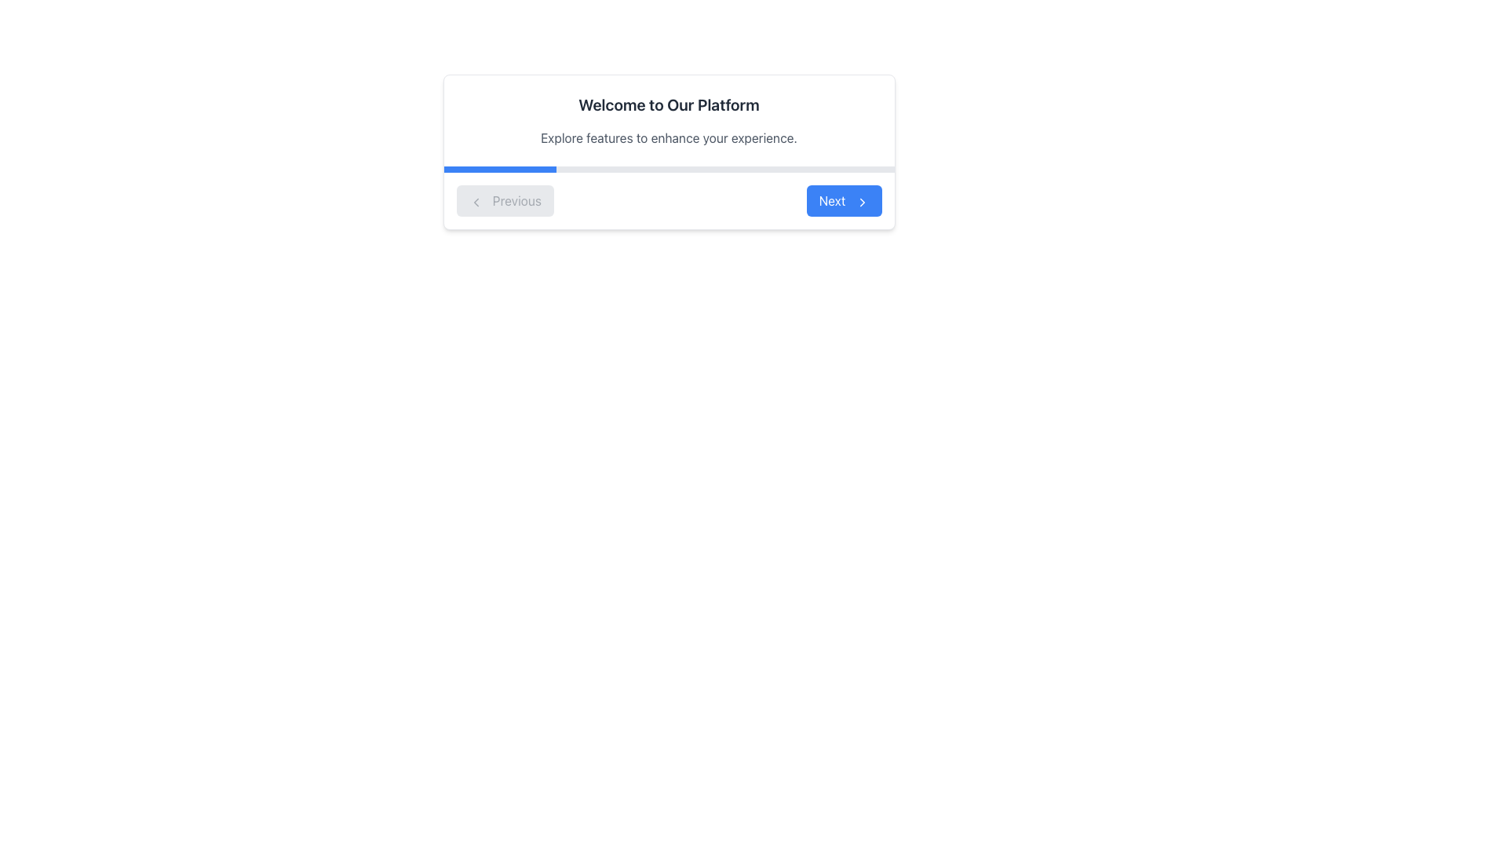  I want to click on the right-pointing arrow icon located within the blue 'Next' button at the bottom-right of the central dialog box, so click(861, 201).